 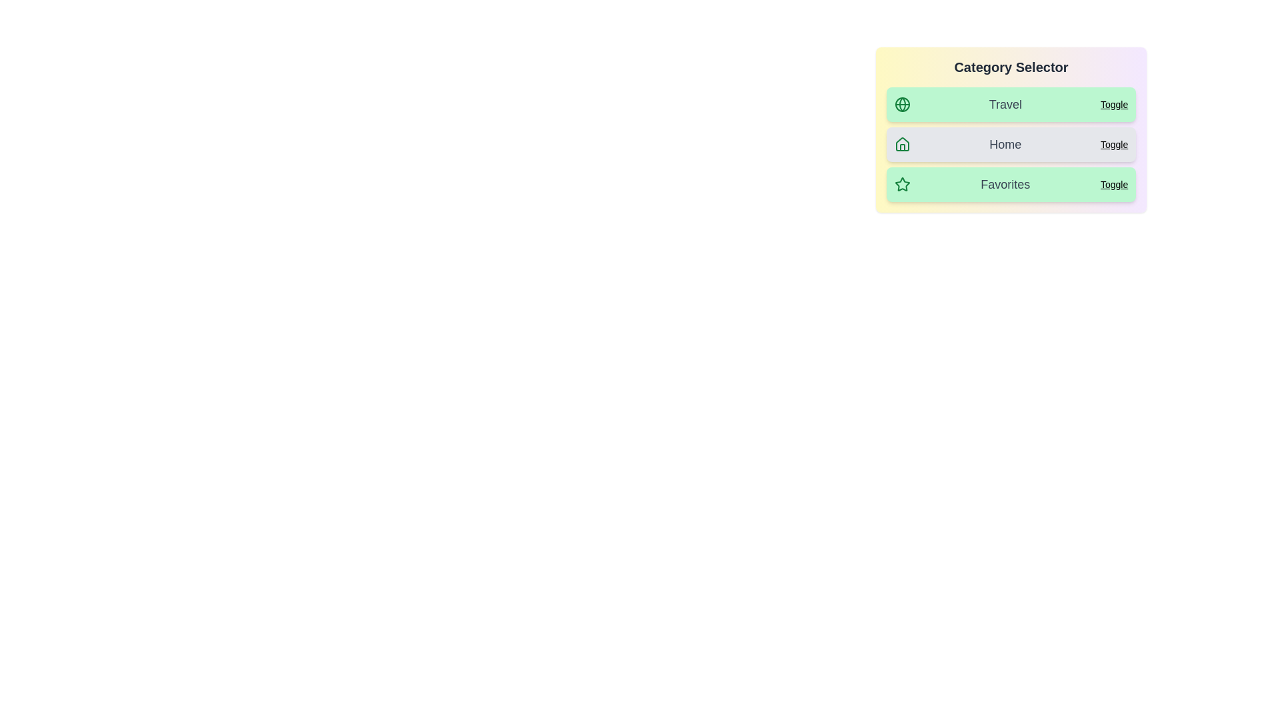 I want to click on the 'Toggle' button of the category item corresponding to Travel, so click(x=1114, y=104).